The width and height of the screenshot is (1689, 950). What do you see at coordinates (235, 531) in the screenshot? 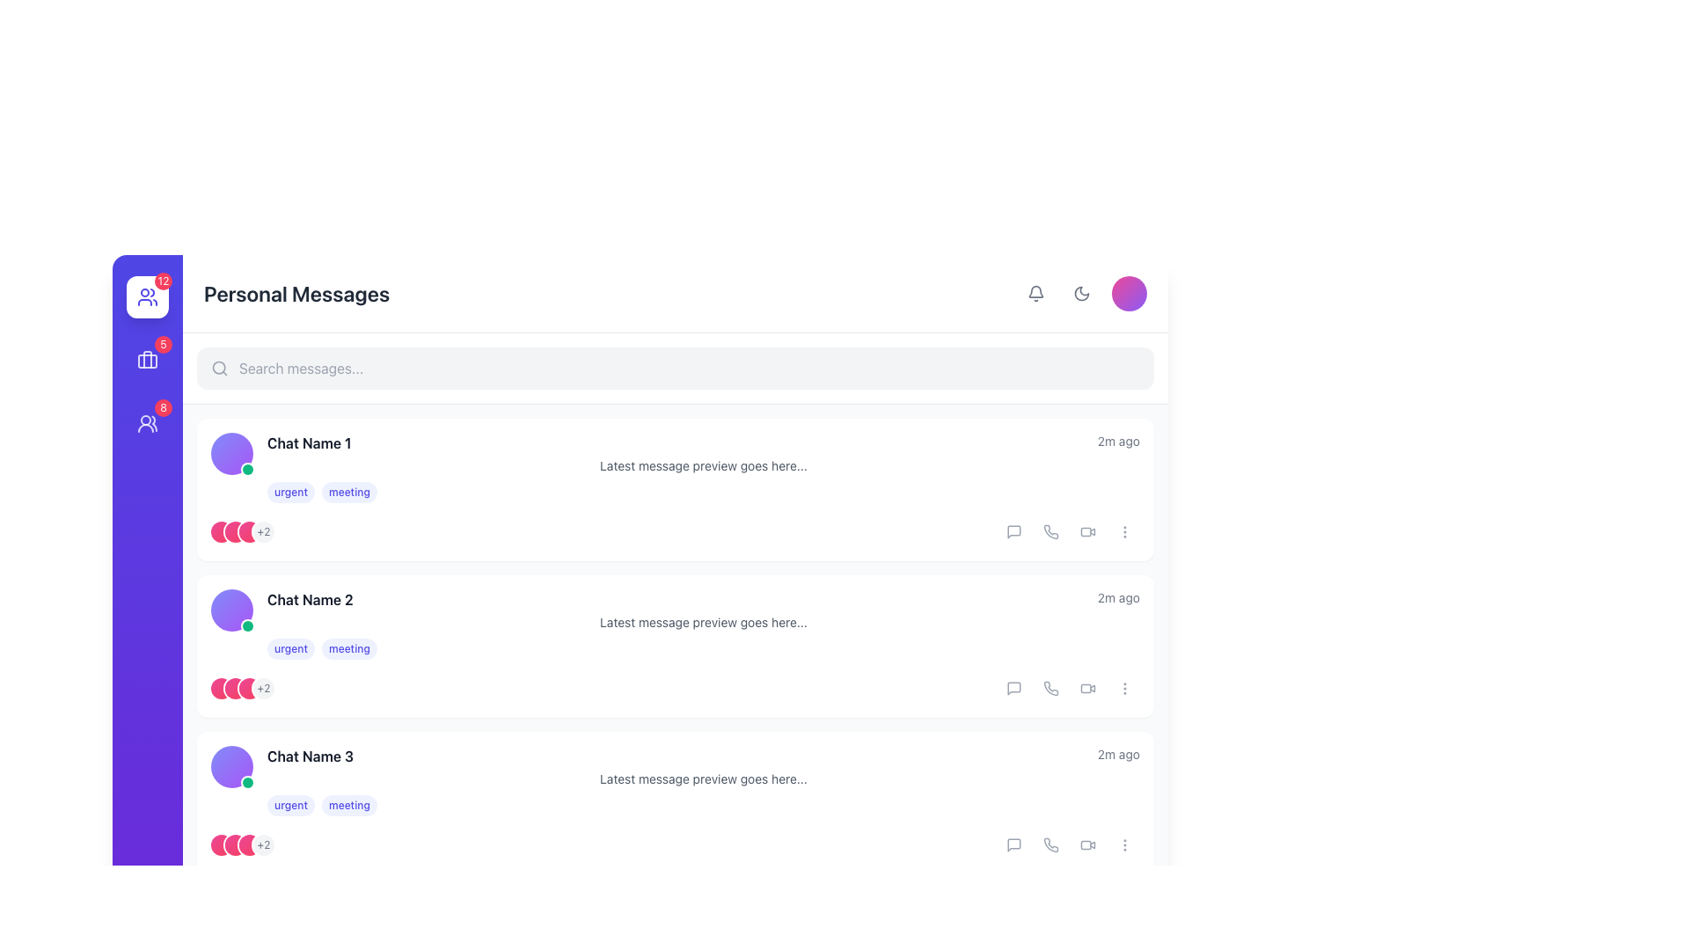
I see `the second avatar icon in the group of four, located near the left side of the chat item card under the chat name and status tags` at bounding box center [235, 531].